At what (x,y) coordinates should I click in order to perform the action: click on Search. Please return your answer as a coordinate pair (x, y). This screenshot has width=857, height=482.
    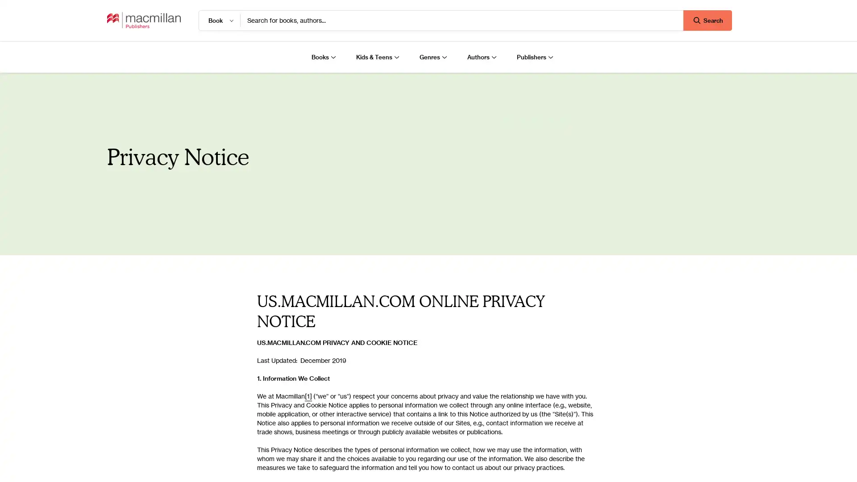
    Looking at the image, I should click on (707, 20).